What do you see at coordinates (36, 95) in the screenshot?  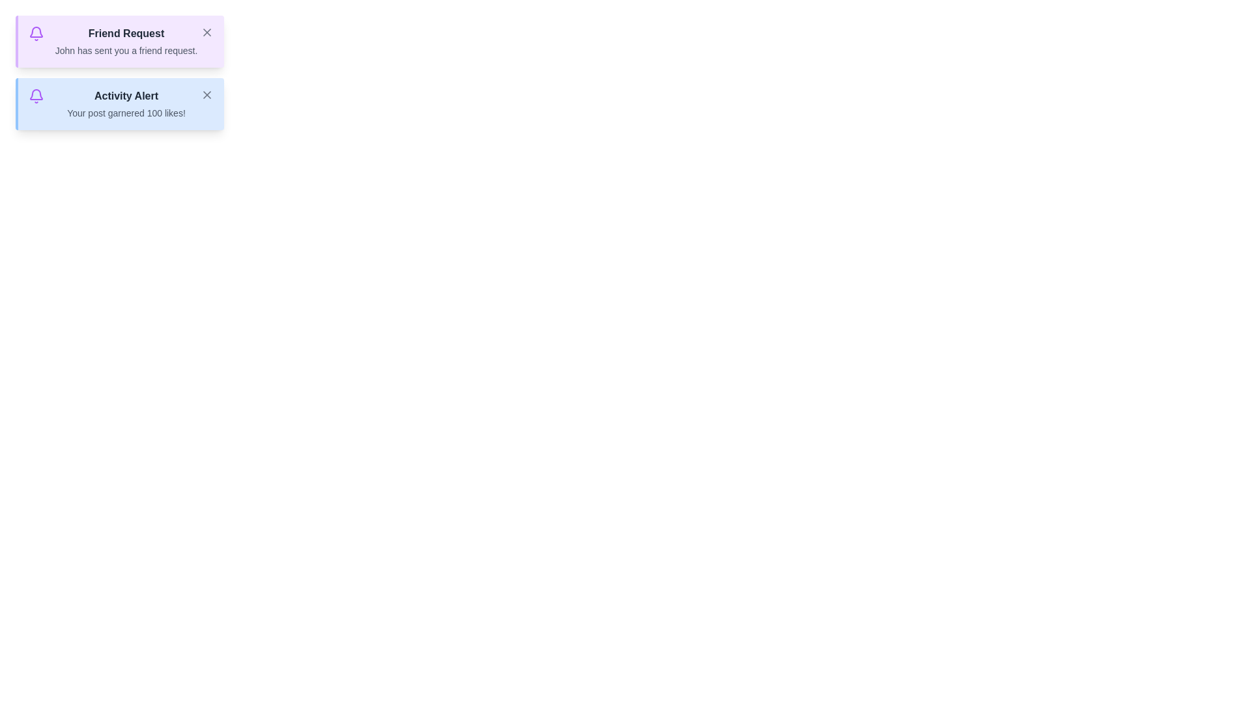 I see `the notification bell icon for Activity Alert` at bounding box center [36, 95].